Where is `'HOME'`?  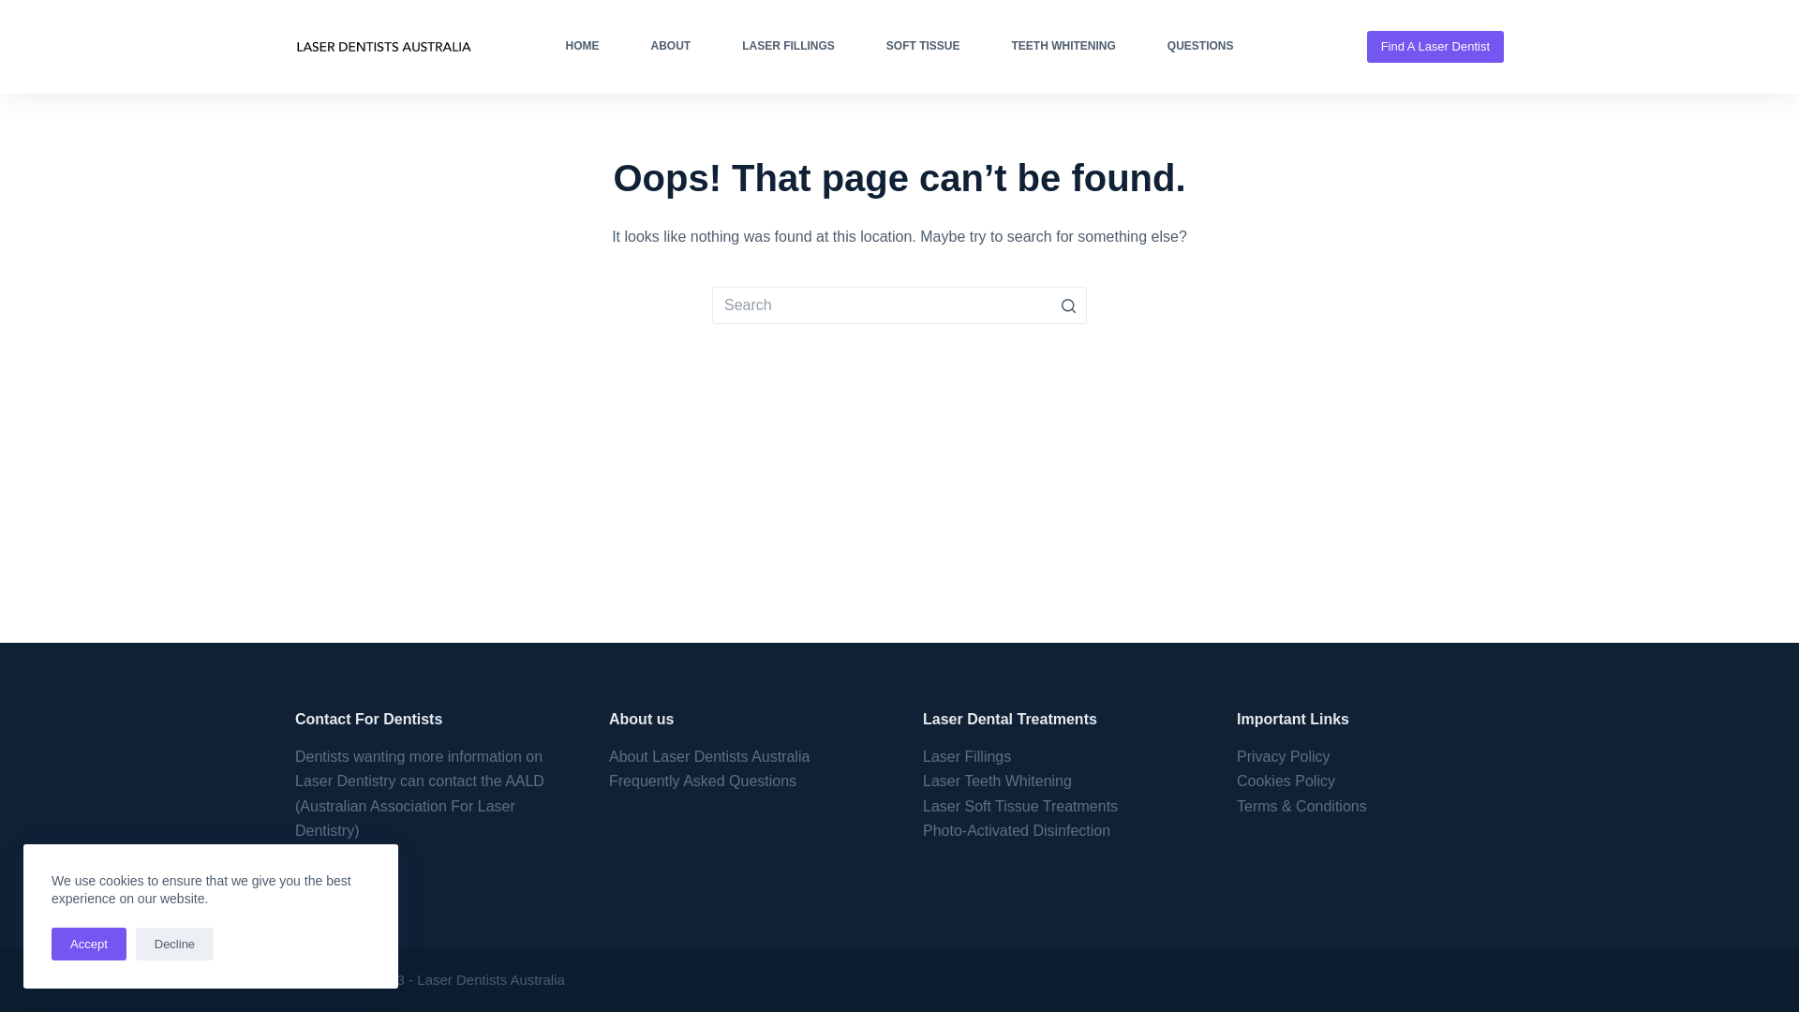
'HOME' is located at coordinates (581, 46).